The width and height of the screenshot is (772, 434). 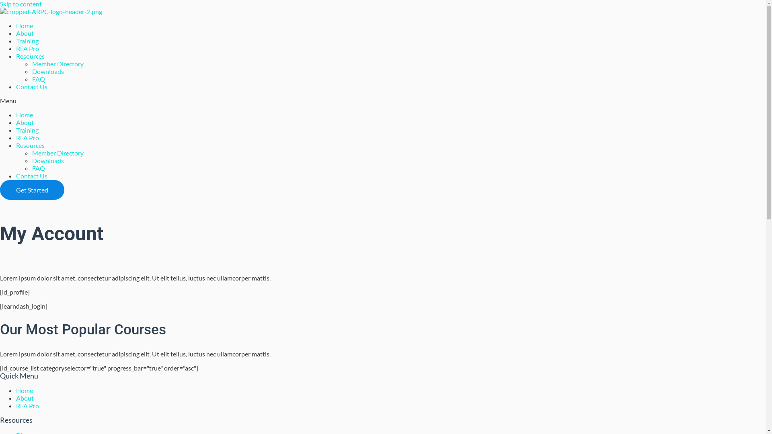 What do you see at coordinates (32, 190) in the screenshot?
I see `'Get Started'` at bounding box center [32, 190].